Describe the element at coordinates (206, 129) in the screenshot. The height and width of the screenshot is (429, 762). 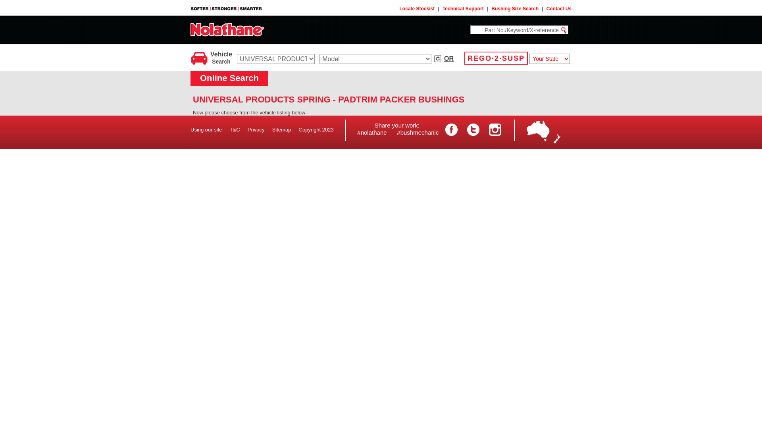
I see `'Using our site'` at that location.